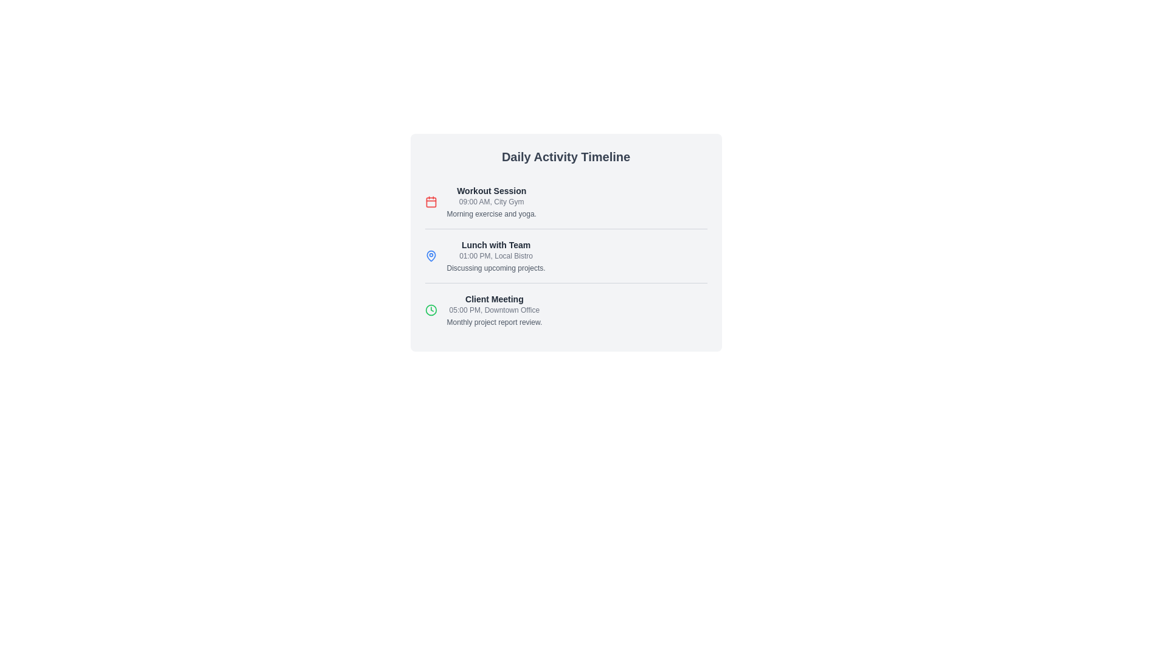  I want to click on centered, bold text displaying 'Daily Activity Timeline' located at the top of a card-styled panel, so click(565, 156).